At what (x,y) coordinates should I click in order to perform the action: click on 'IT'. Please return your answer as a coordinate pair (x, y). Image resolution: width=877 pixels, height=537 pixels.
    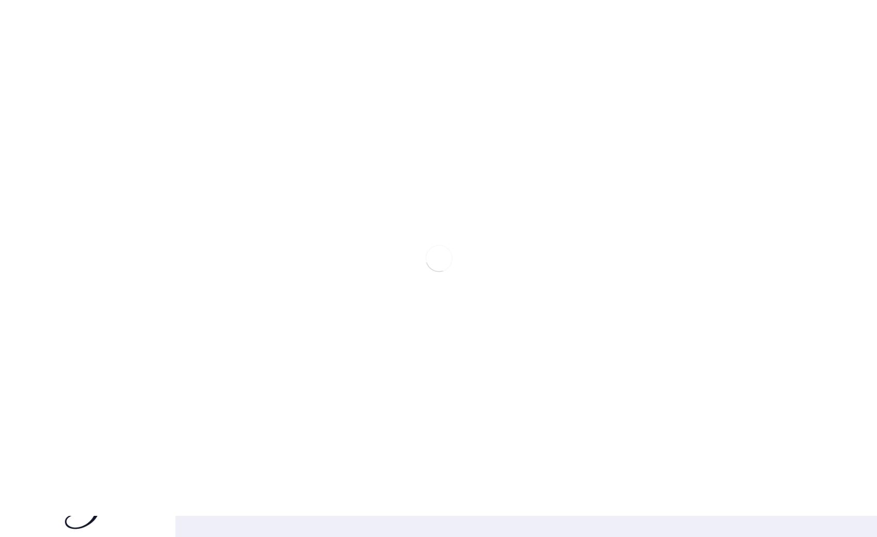
    Looking at the image, I should click on (6, 53).